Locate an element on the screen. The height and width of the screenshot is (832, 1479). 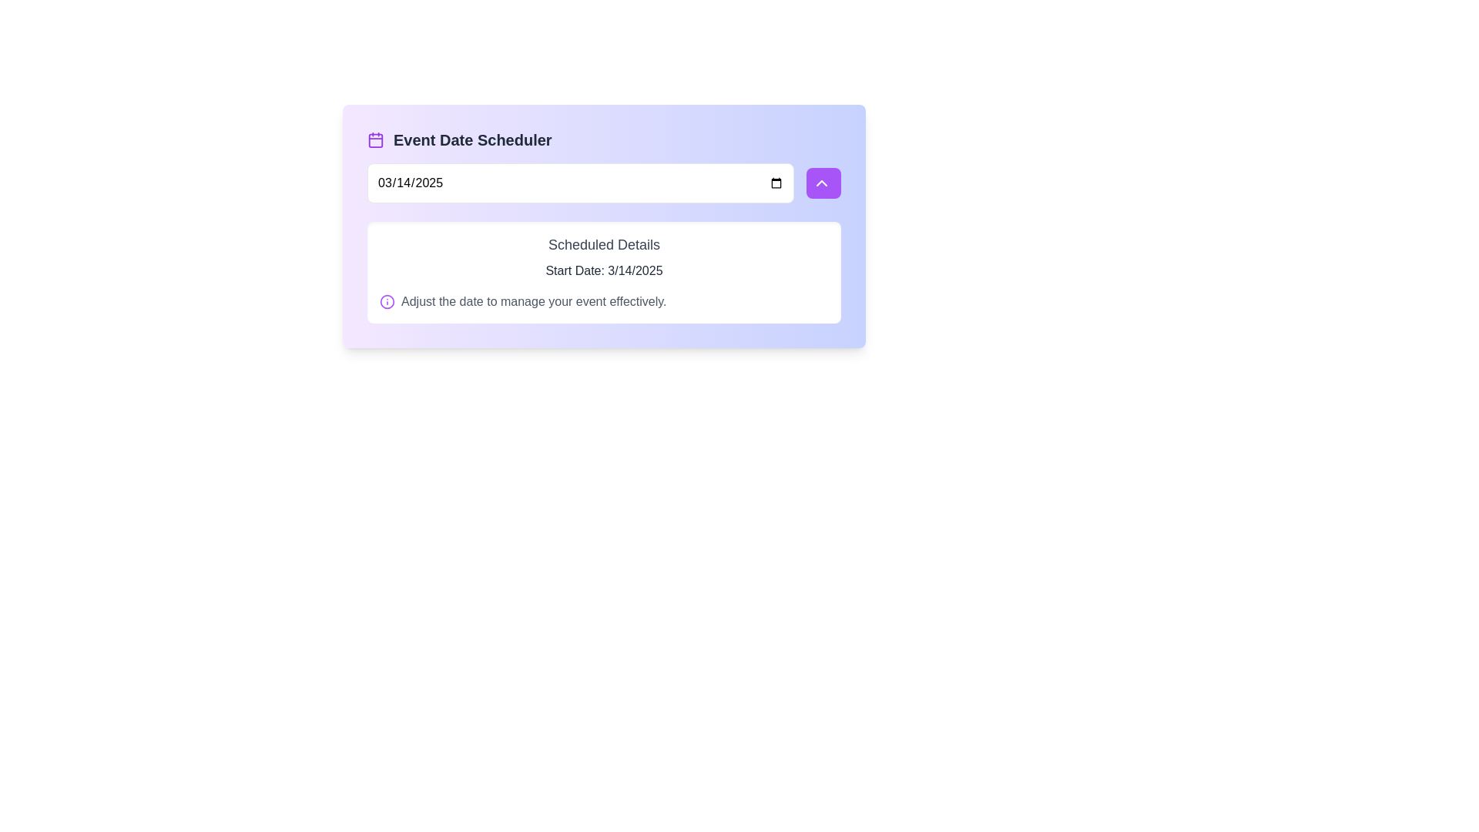
the upward-pointing chevron icon with a purple background to increment a value or navigate upwards is located at coordinates (821, 183).